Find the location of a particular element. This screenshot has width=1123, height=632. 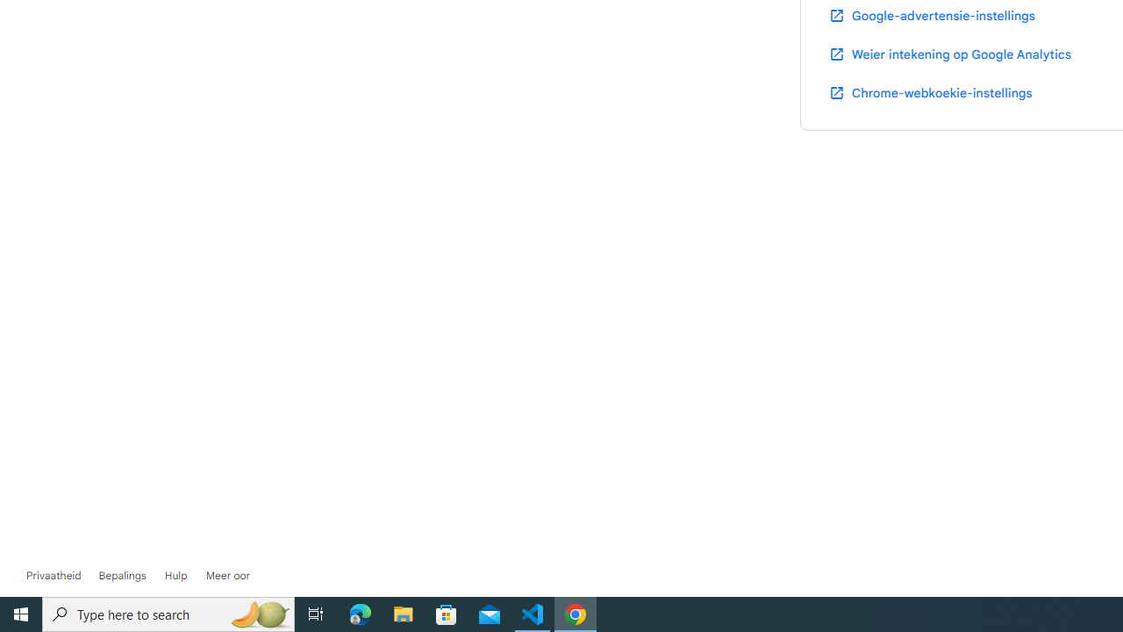

'Bepalings' is located at coordinates (121, 575).